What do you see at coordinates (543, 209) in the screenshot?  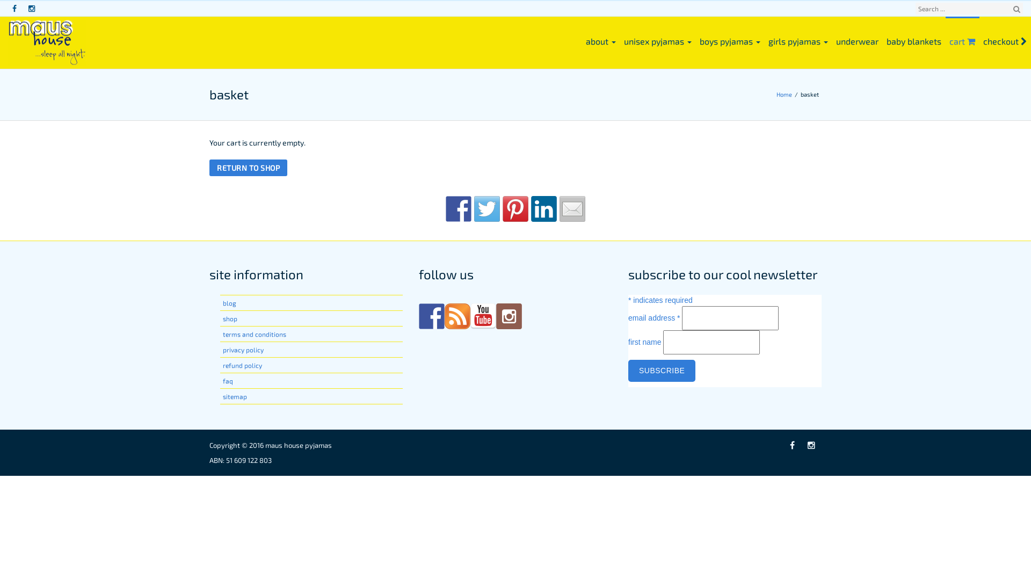 I see `'Share on Linkedin'` at bounding box center [543, 209].